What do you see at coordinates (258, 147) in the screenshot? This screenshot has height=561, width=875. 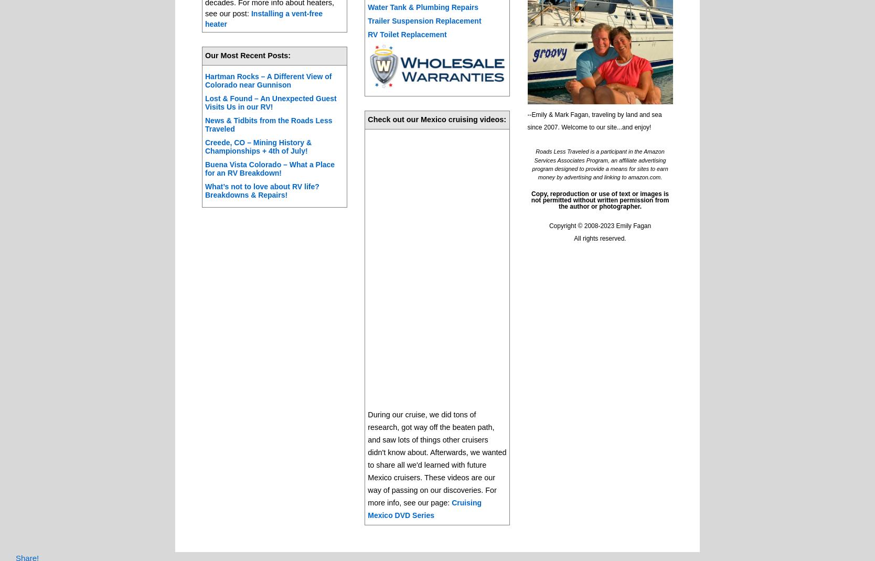 I see `'Creede, CO – Mining History & Championships + 4th of July!'` at bounding box center [258, 147].